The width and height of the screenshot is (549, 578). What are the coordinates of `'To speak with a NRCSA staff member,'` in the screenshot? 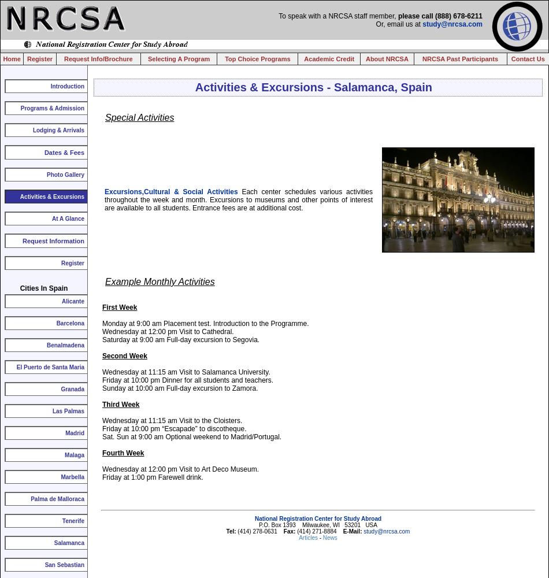 It's located at (338, 16).